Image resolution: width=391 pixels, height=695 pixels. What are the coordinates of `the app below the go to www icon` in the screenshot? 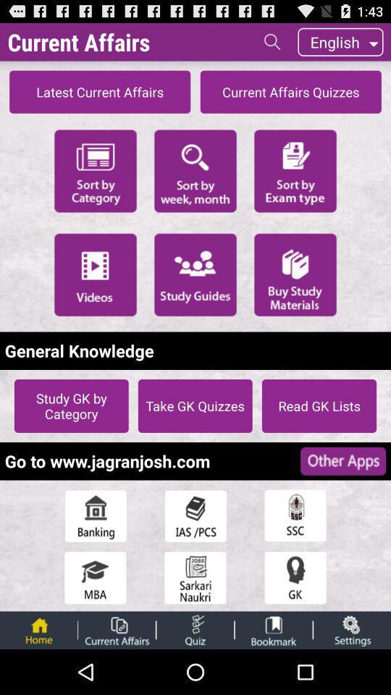 It's located at (195, 515).